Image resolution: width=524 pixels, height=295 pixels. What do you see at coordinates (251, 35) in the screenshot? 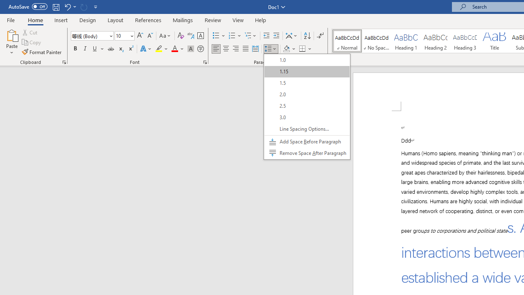
I see `'Multilevel List'` at bounding box center [251, 35].